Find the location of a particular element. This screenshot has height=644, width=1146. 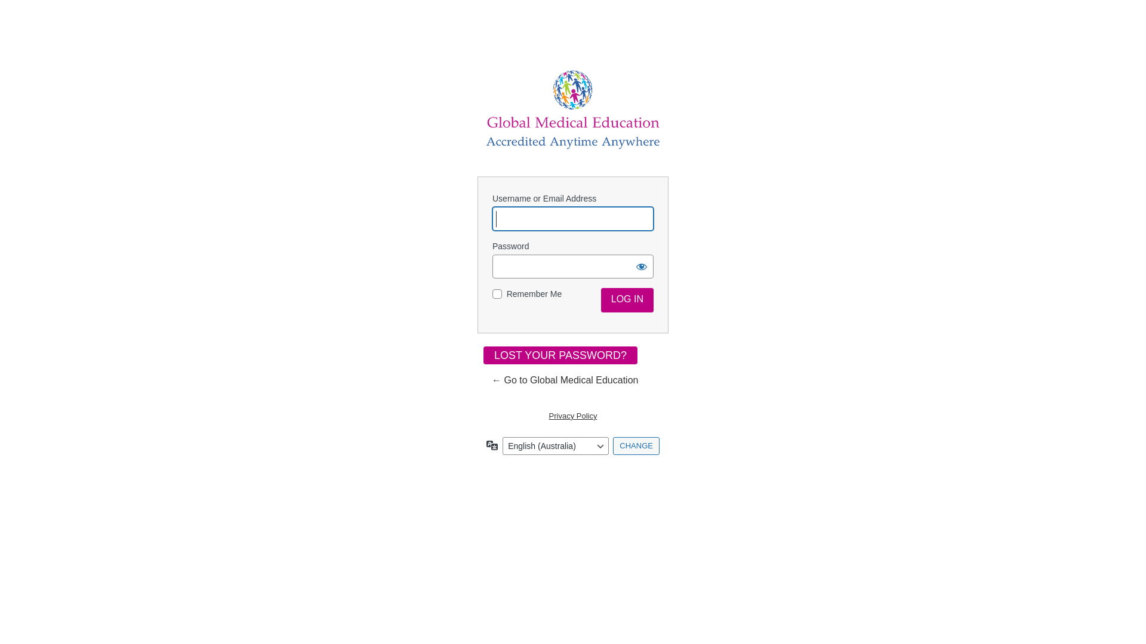

'Log In' is located at coordinates (601, 299).